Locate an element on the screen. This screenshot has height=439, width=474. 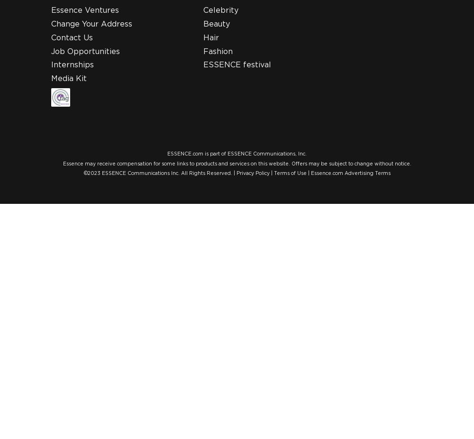
'Job Opportunities' is located at coordinates (85, 50).